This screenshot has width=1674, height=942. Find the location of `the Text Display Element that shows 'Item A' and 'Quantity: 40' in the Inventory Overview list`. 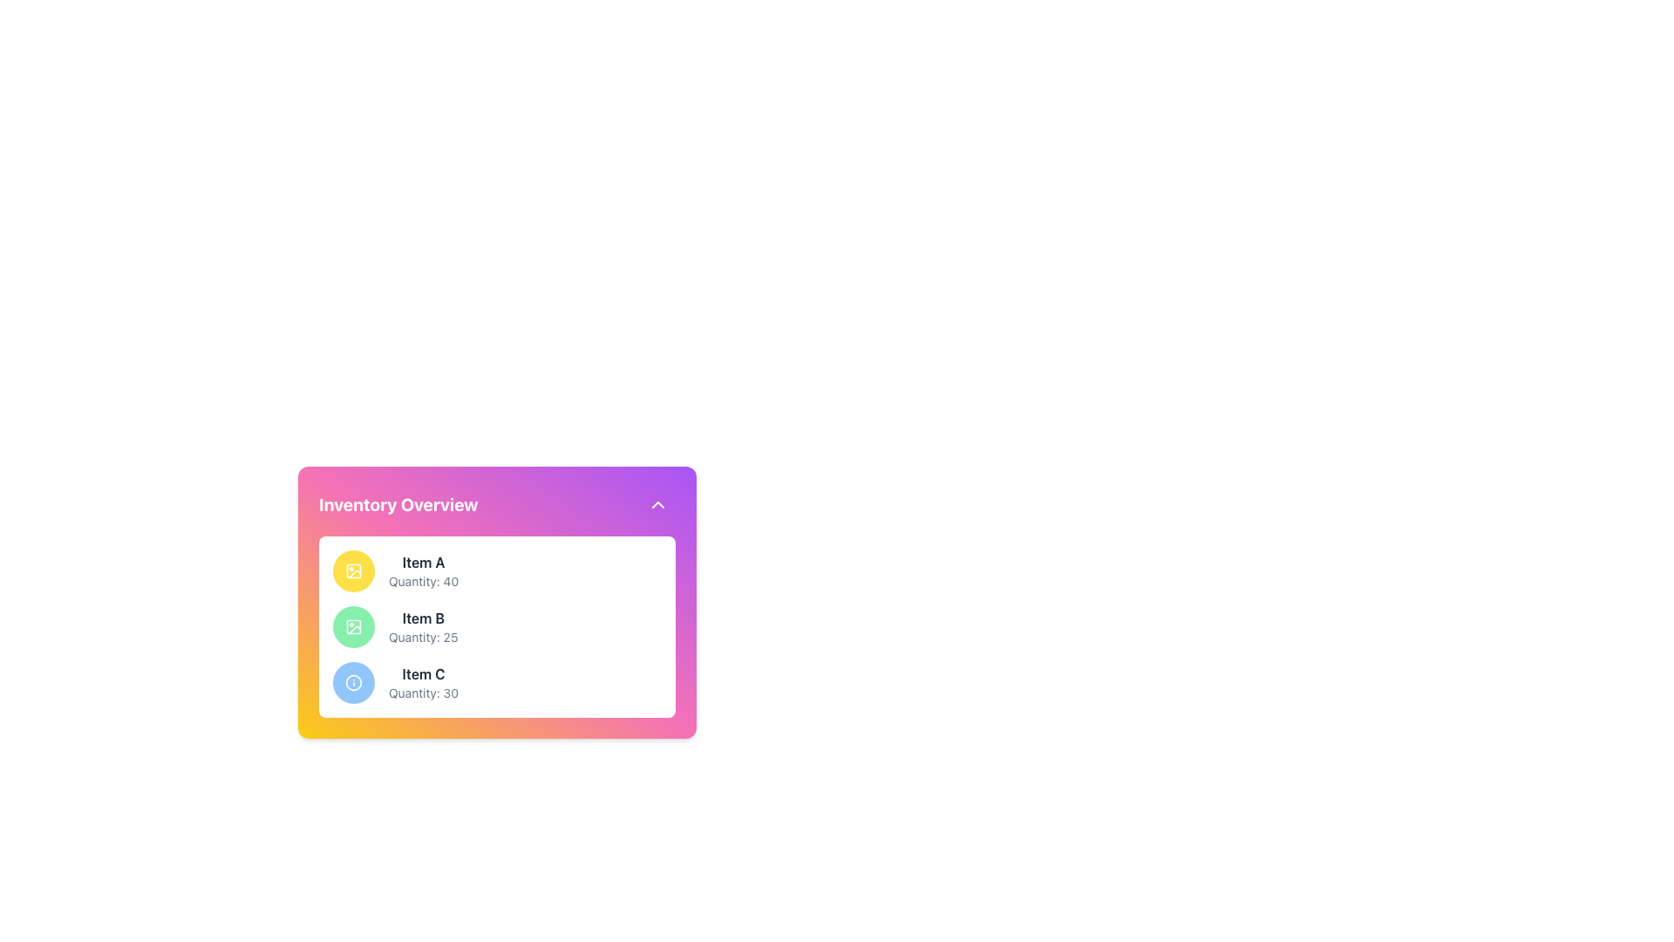

the Text Display Element that shows 'Item A' and 'Quantity: 40' in the Inventory Overview list is located at coordinates (424, 571).